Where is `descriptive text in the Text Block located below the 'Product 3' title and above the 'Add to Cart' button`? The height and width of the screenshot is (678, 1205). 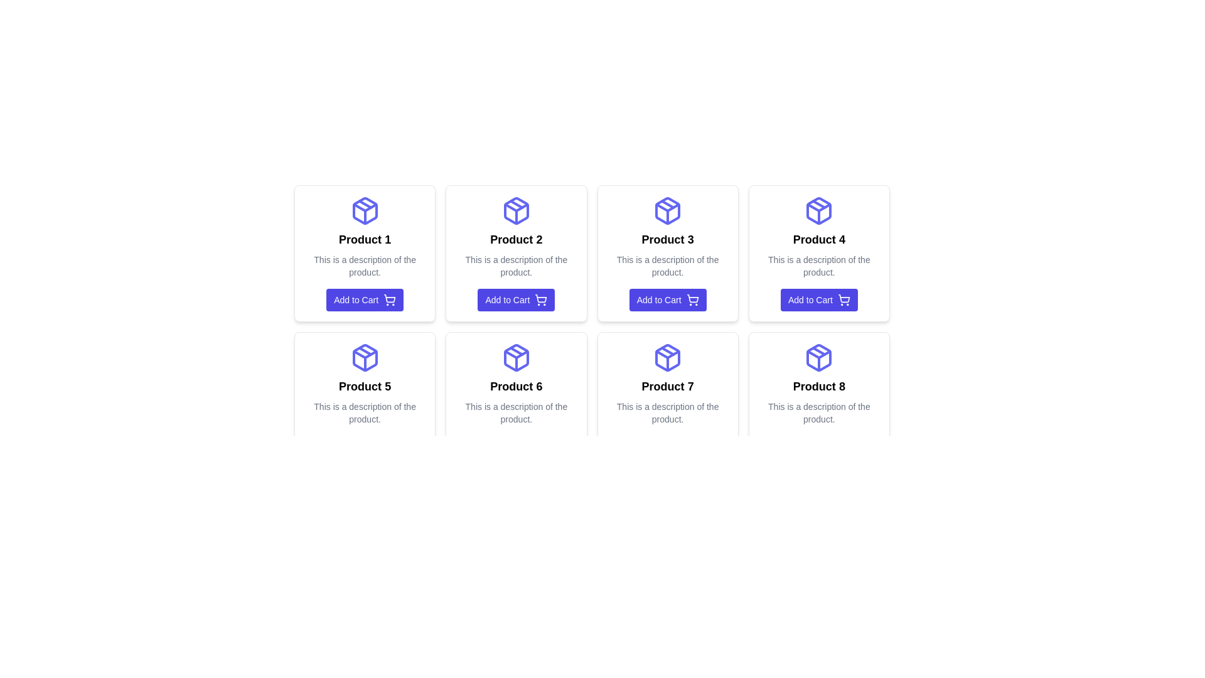
descriptive text in the Text Block located below the 'Product 3' title and above the 'Add to Cart' button is located at coordinates (667, 266).